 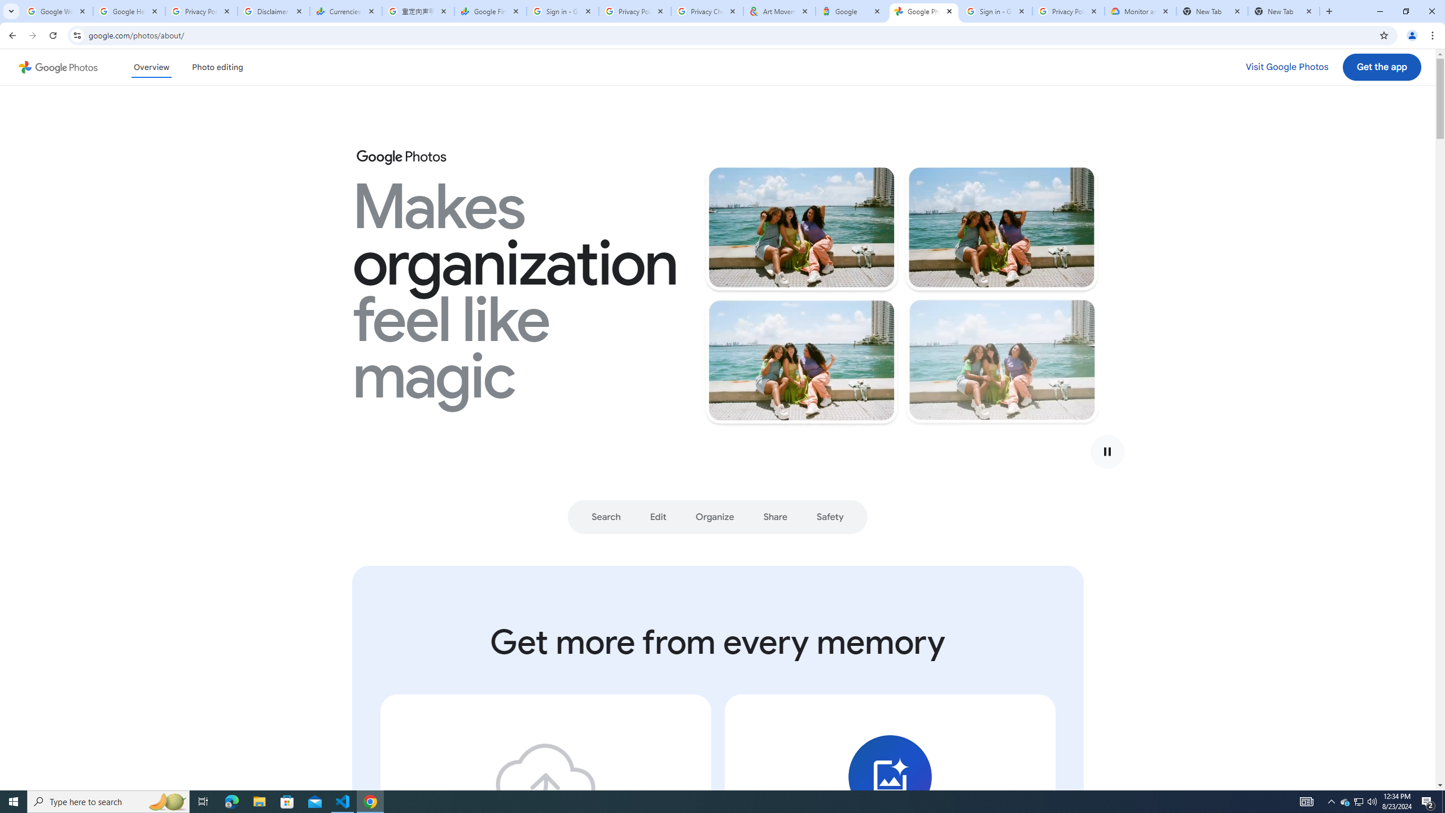 I want to click on 'Google', so click(x=851, y=11).